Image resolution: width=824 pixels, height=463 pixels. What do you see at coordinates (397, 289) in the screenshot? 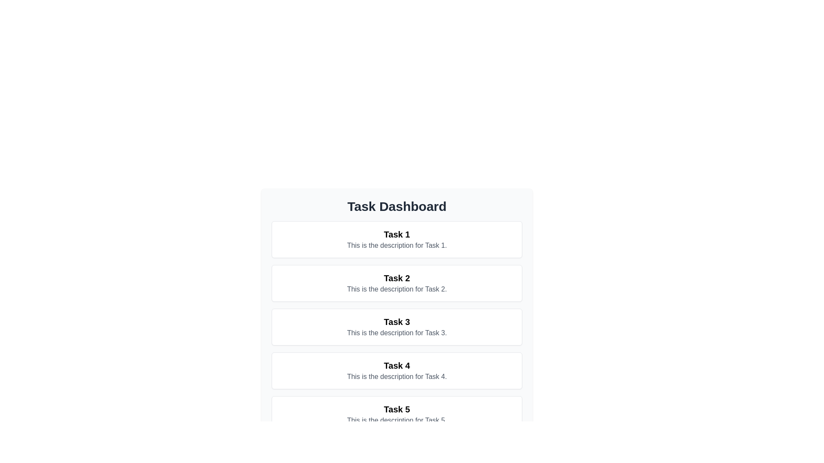
I see `the Text Label element that displays 'This is the description for Task 2.', located directly beneath the bold header 'Task 2'` at bounding box center [397, 289].